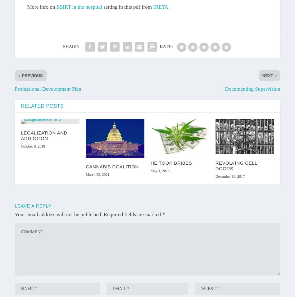 The width and height of the screenshot is (295, 297). Describe the element at coordinates (132, 214) in the screenshot. I see `'Required fields are marked'` at that location.